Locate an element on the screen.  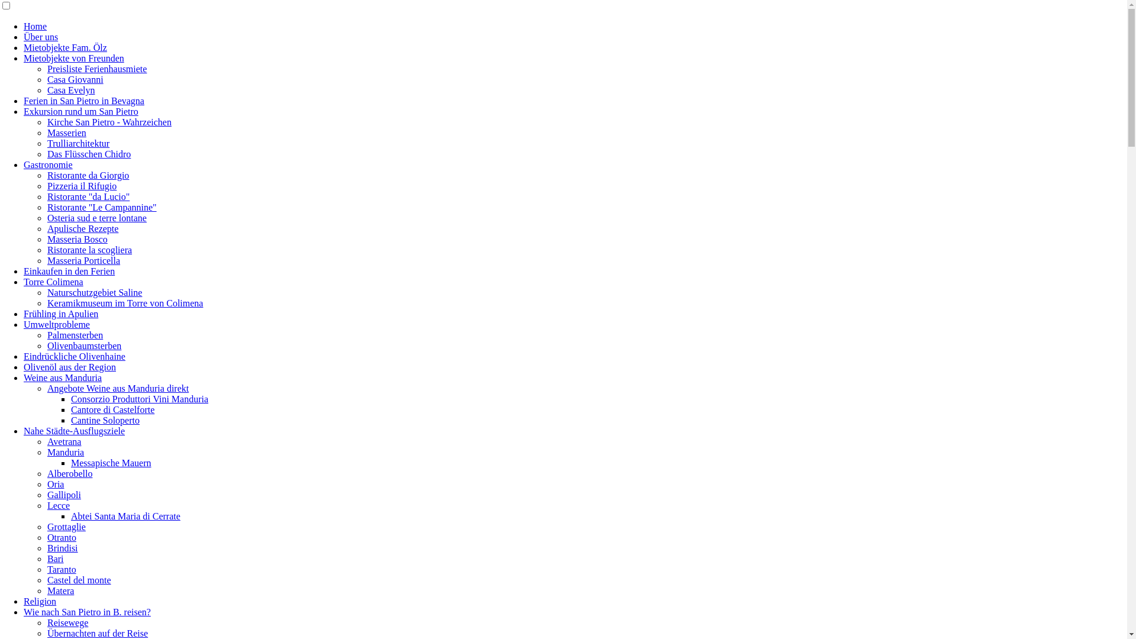
'Abtei Santa Maria di Cerrate' is located at coordinates (125, 515).